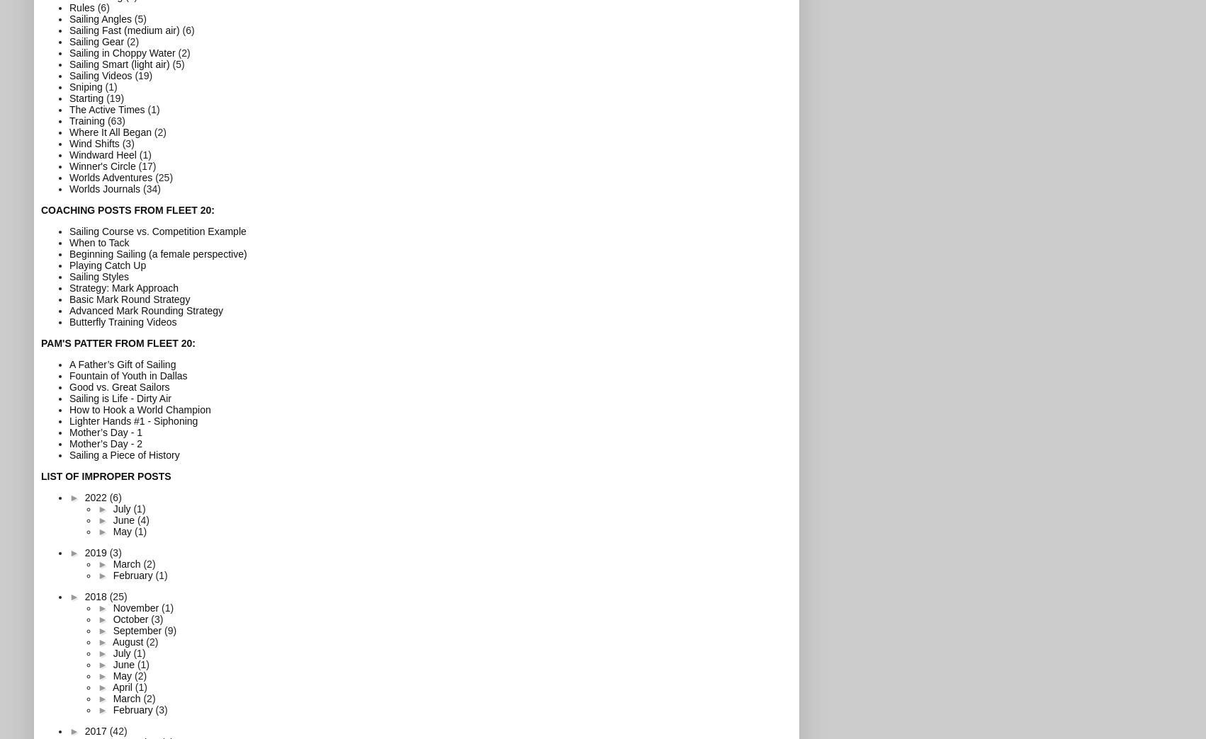 The image size is (1206, 739). What do you see at coordinates (81, 6) in the screenshot?
I see `'Rules'` at bounding box center [81, 6].